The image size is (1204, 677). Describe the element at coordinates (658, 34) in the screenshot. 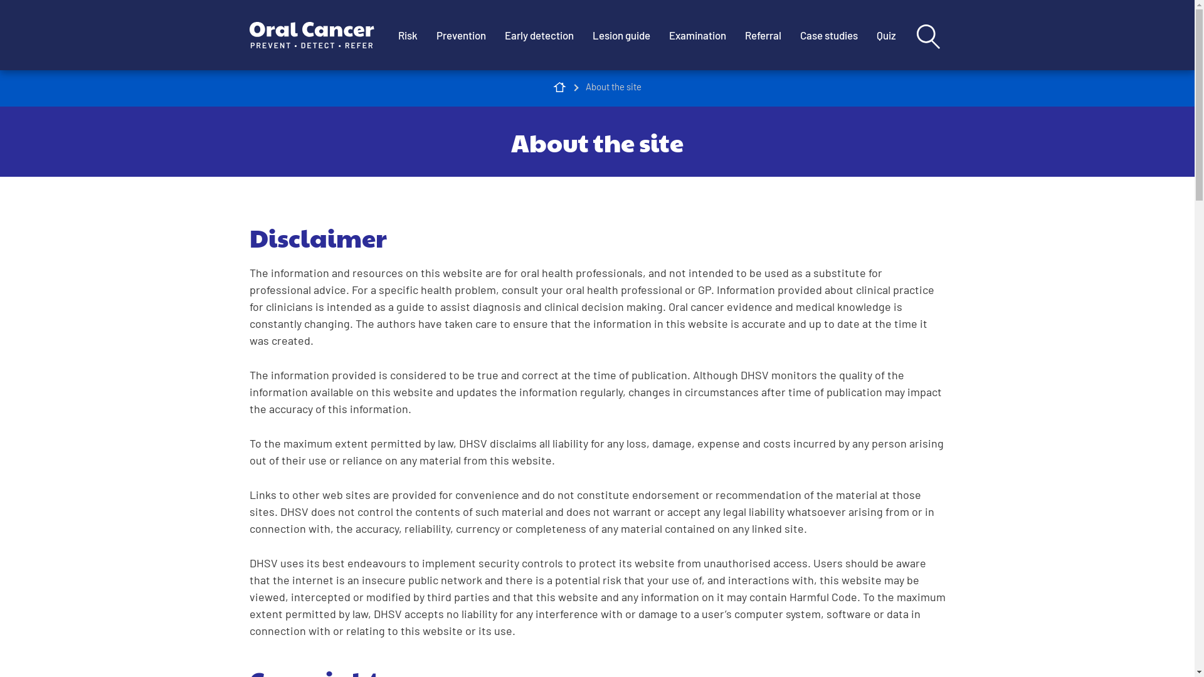

I see `'Examination'` at that location.